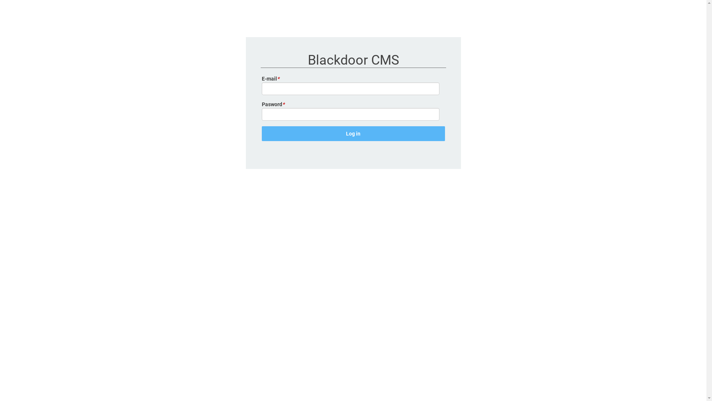  Describe the element at coordinates (353, 133) in the screenshot. I see `'Log in'` at that location.